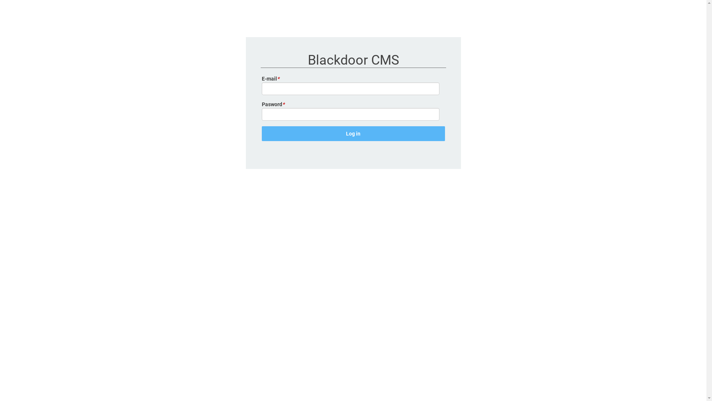  Describe the element at coordinates (353, 133) in the screenshot. I see `'Log in'` at that location.